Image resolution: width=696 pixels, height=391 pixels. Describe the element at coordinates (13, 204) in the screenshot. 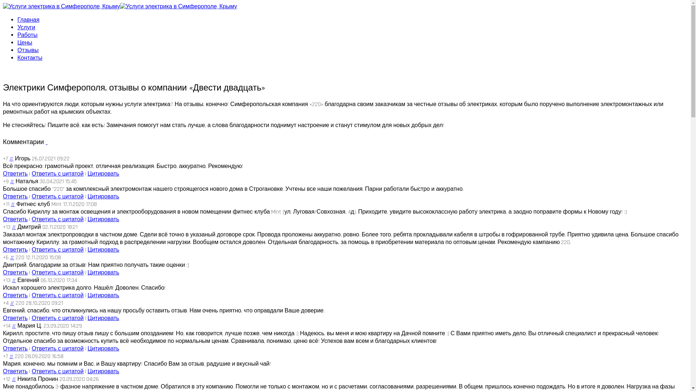

I see `'#'` at that location.